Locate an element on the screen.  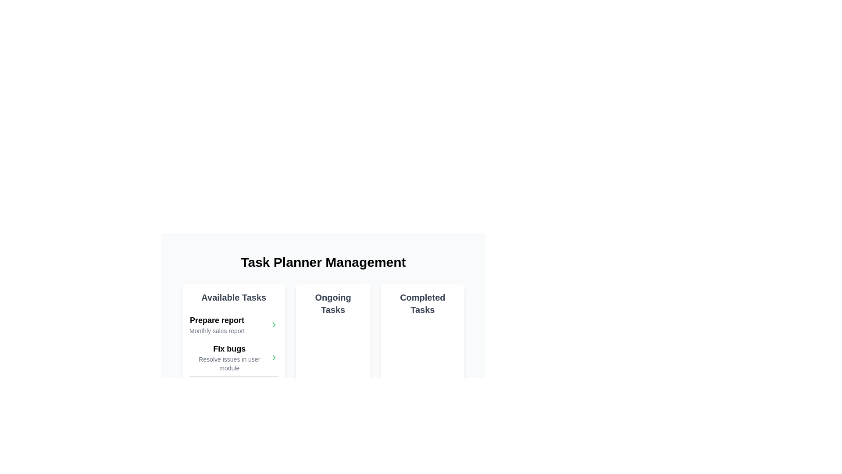
the task item displaying 'Prepare report' and its description 'Monthly sales report' in the 'Available Tasks' section is located at coordinates (217, 325).